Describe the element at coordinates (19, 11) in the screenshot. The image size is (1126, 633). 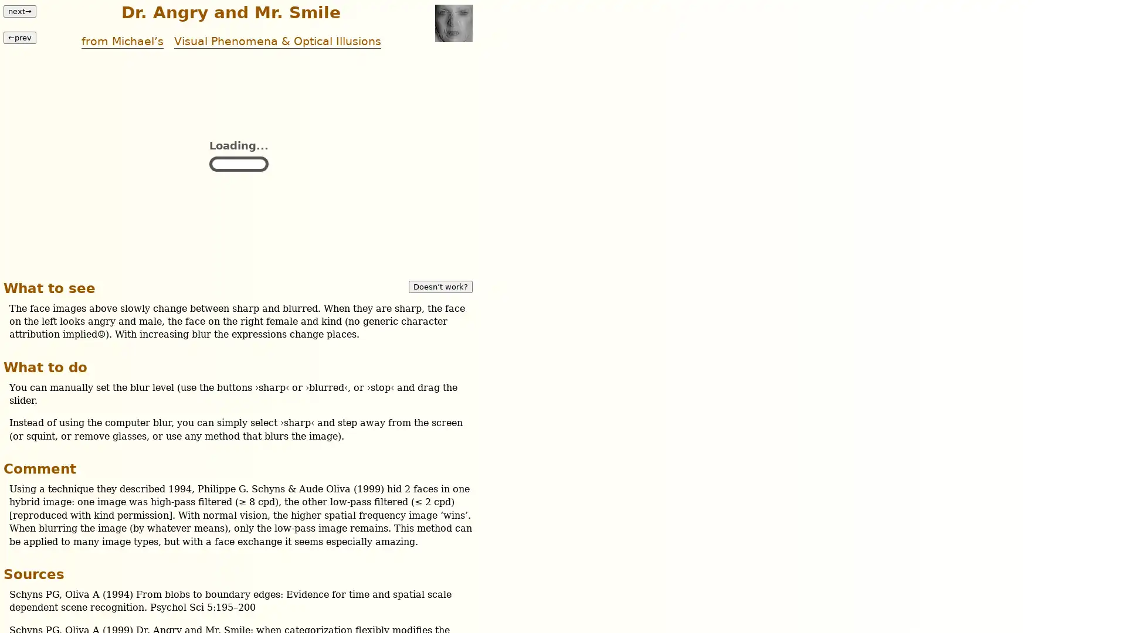
I see `next` at that location.